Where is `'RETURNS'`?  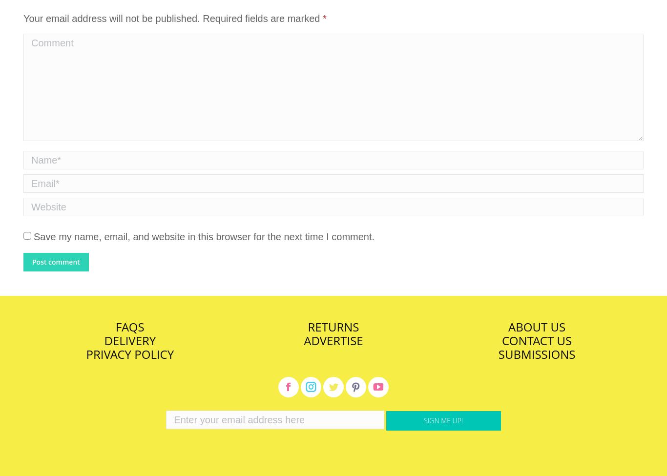
'RETURNS' is located at coordinates (333, 327).